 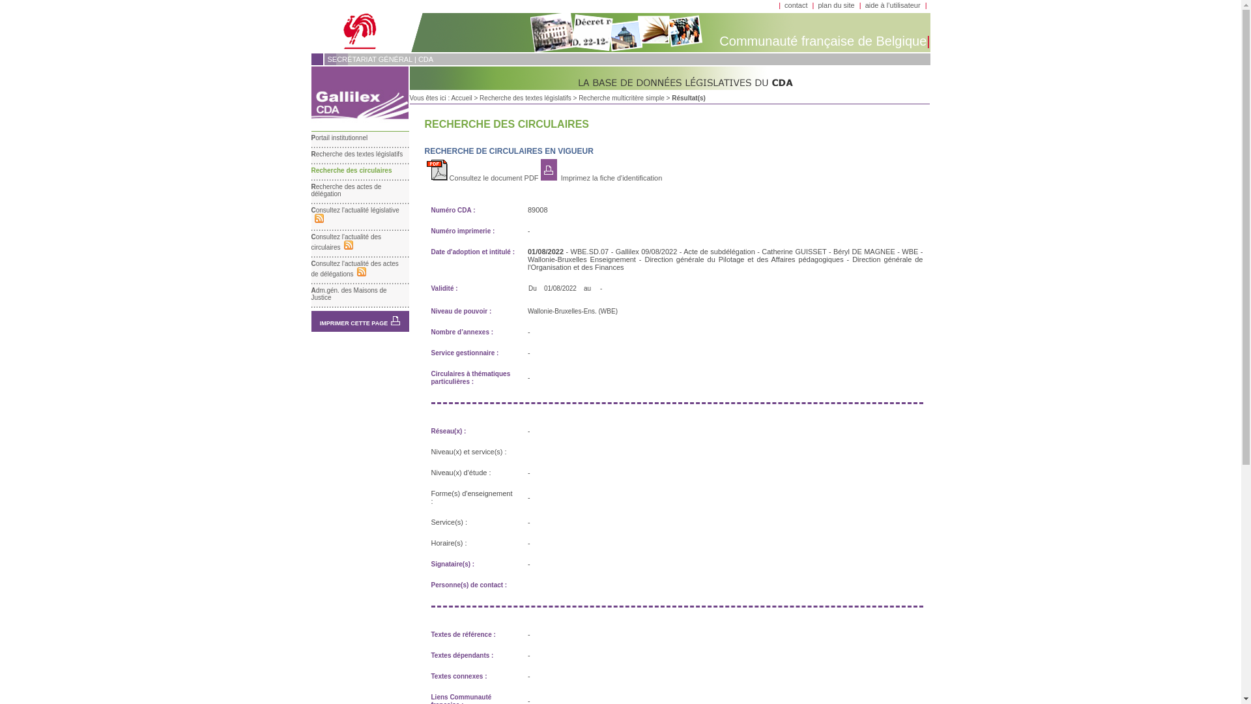 What do you see at coordinates (559, 178) in the screenshot?
I see `'Imprimez la fiche d'identification'` at bounding box center [559, 178].